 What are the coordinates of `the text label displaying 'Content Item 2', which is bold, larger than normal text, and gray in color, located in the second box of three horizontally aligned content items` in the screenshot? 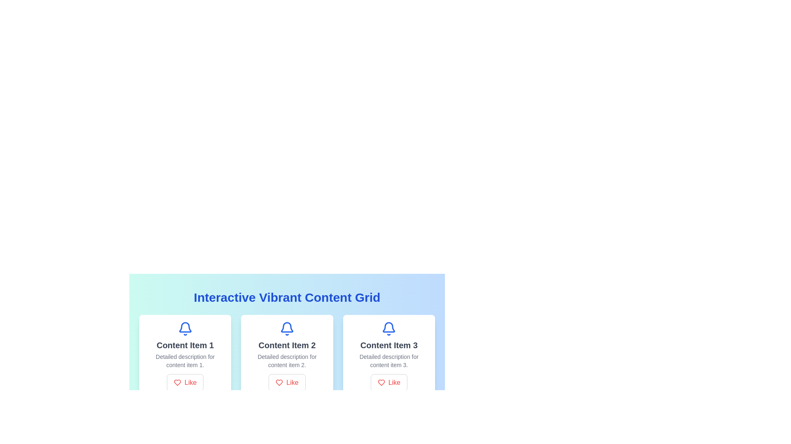 It's located at (287, 345).